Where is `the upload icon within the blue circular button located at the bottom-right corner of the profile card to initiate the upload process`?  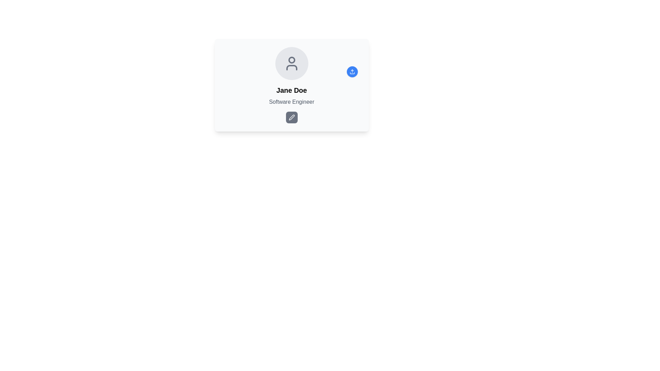 the upload icon within the blue circular button located at the bottom-right corner of the profile card to initiate the upload process is located at coordinates (352, 71).